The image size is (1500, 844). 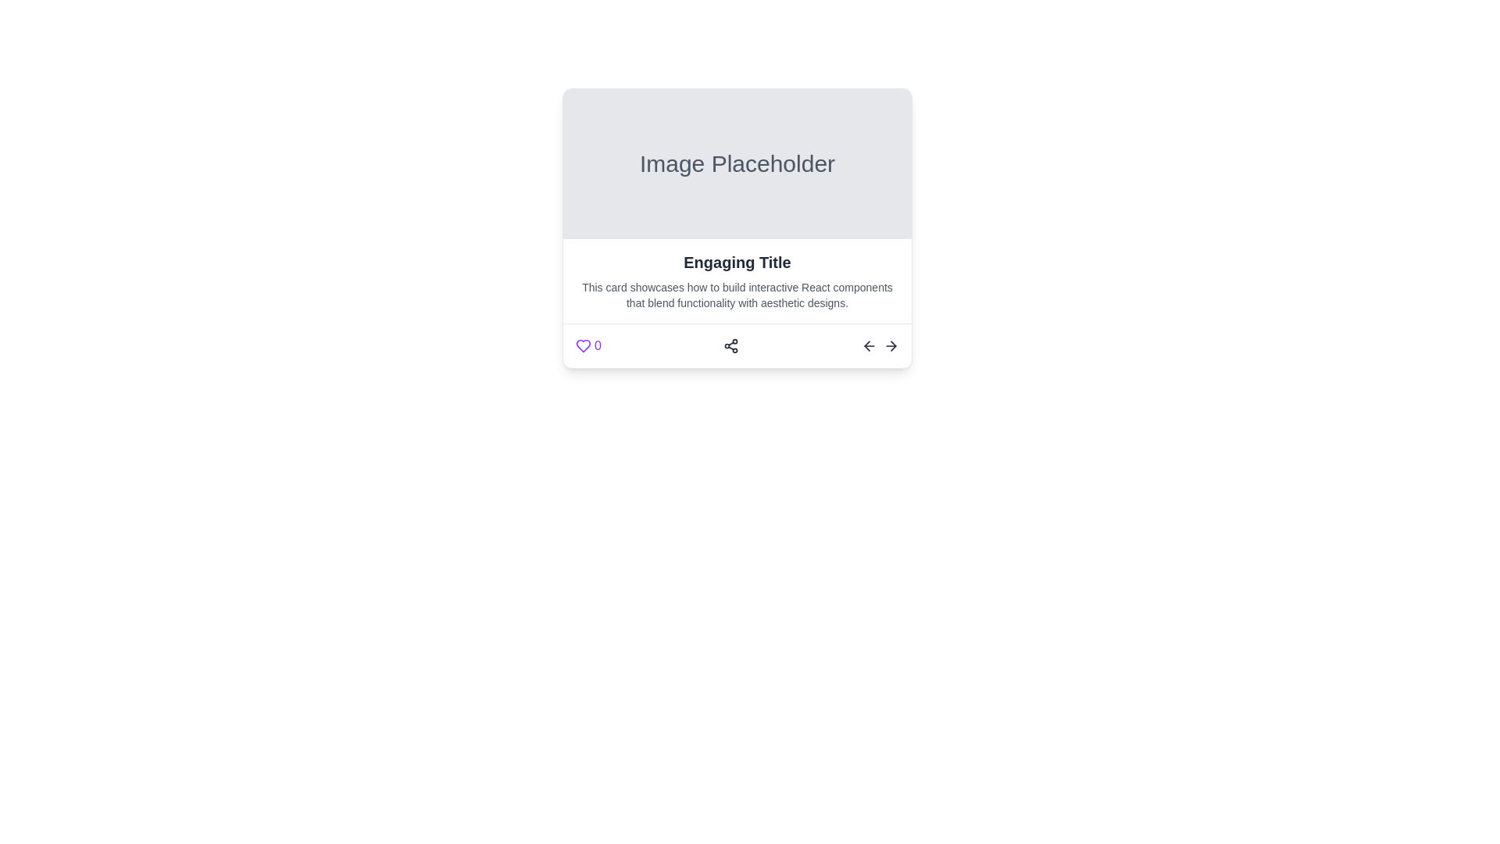 I want to click on the Card item placeholder which has a light gray background and the text 'Image Placeholder' centered in a darker gray color, so click(x=737, y=163).